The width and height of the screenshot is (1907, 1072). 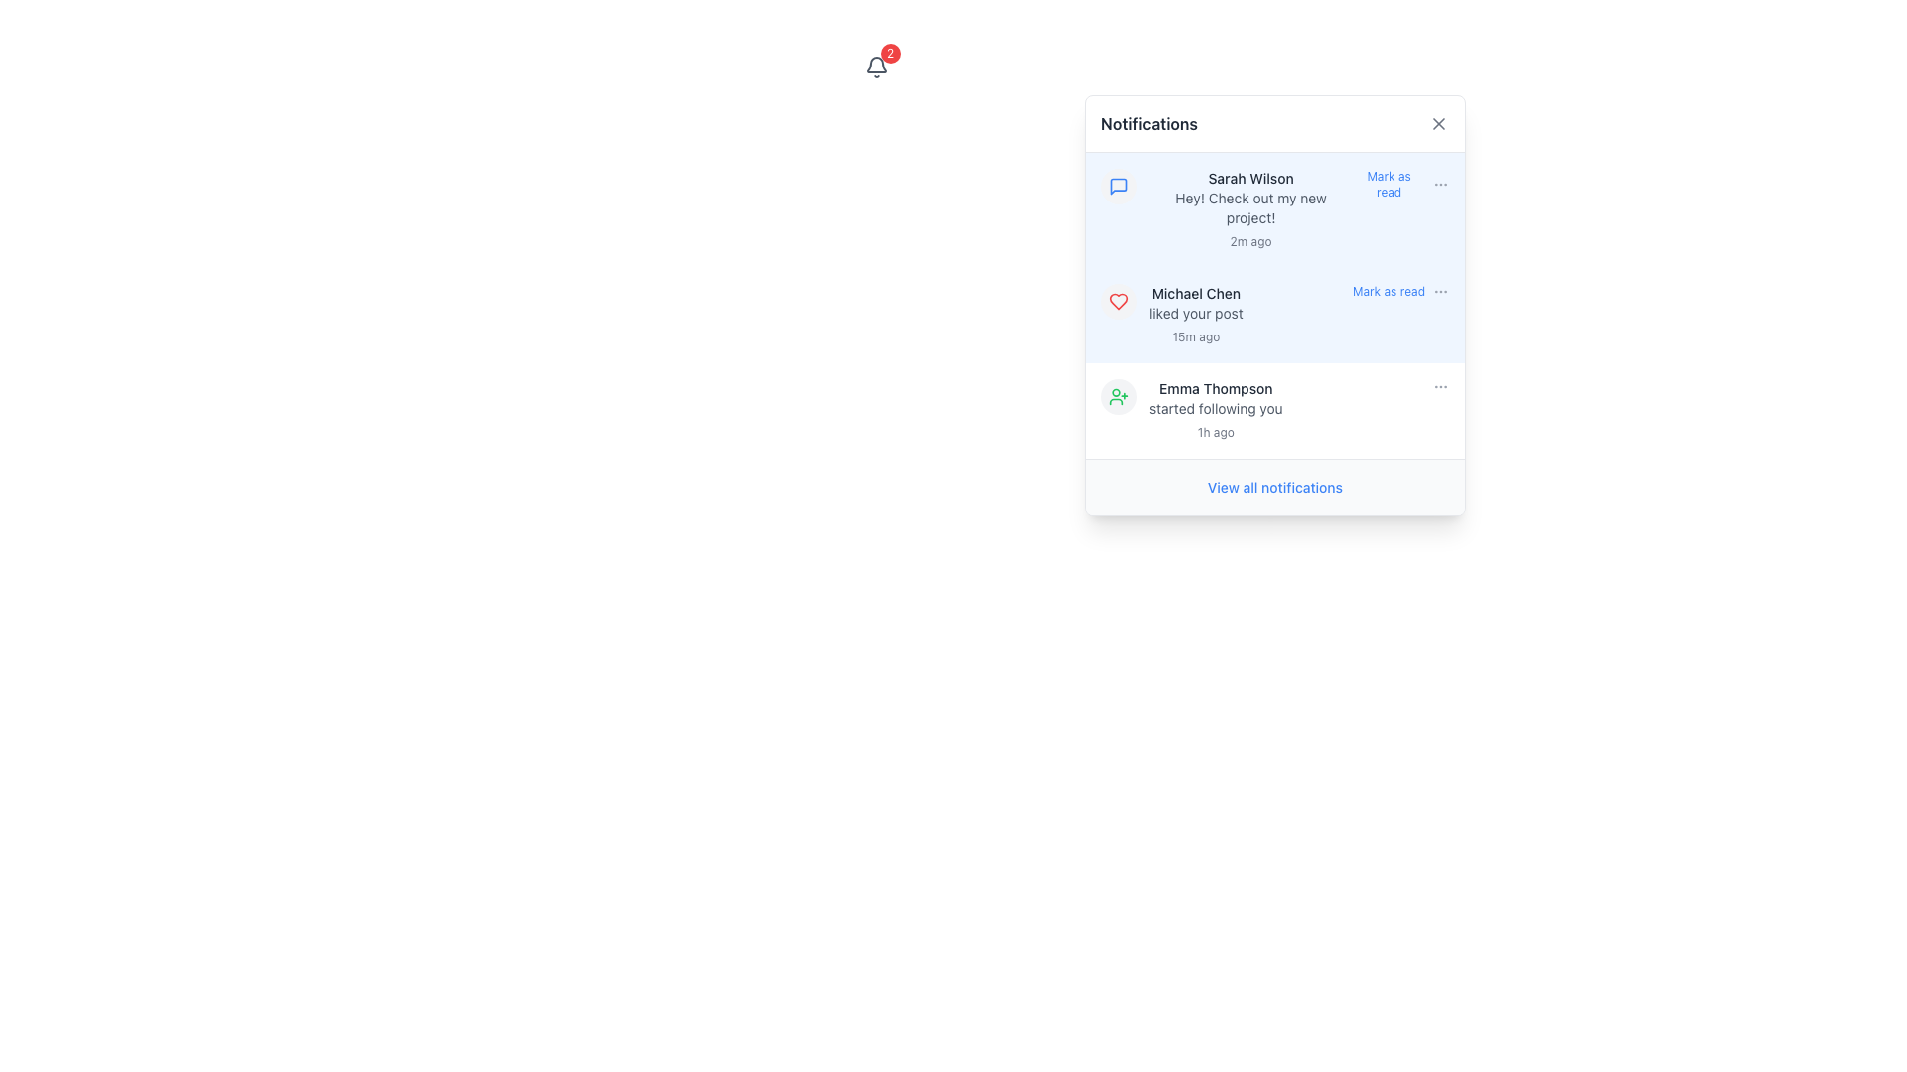 What do you see at coordinates (1274, 306) in the screenshot?
I see `the second notification item in the dropdown menu that displays 'Michael Chen liked your post'` at bounding box center [1274, 306].